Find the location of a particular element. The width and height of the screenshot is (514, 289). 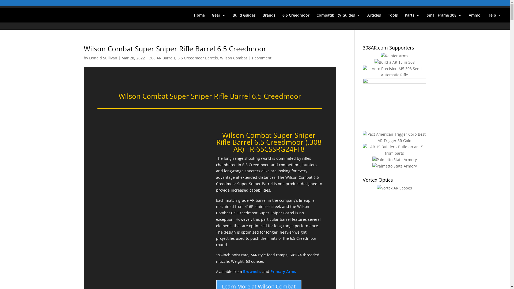

'Donald Sullivan' is located at coordinates (103, 58).